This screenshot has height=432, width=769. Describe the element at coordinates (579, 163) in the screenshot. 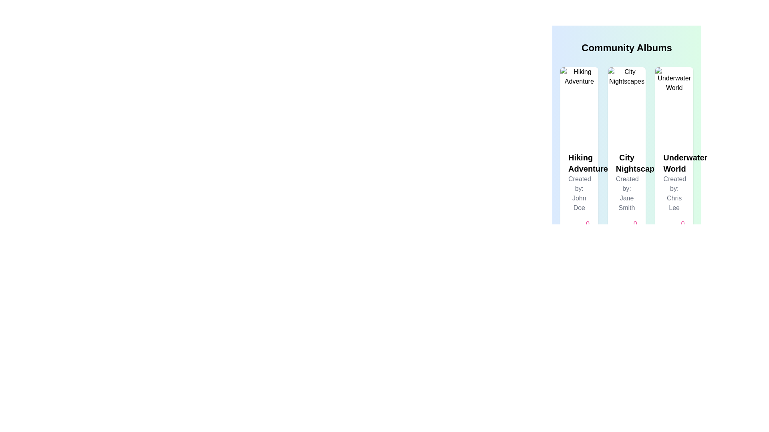

I see `the text label 'Hiking Adventure', which is styled with a larger font size and bold weight, located in the first column of the grid layout under 'Community Albums'` at that location.